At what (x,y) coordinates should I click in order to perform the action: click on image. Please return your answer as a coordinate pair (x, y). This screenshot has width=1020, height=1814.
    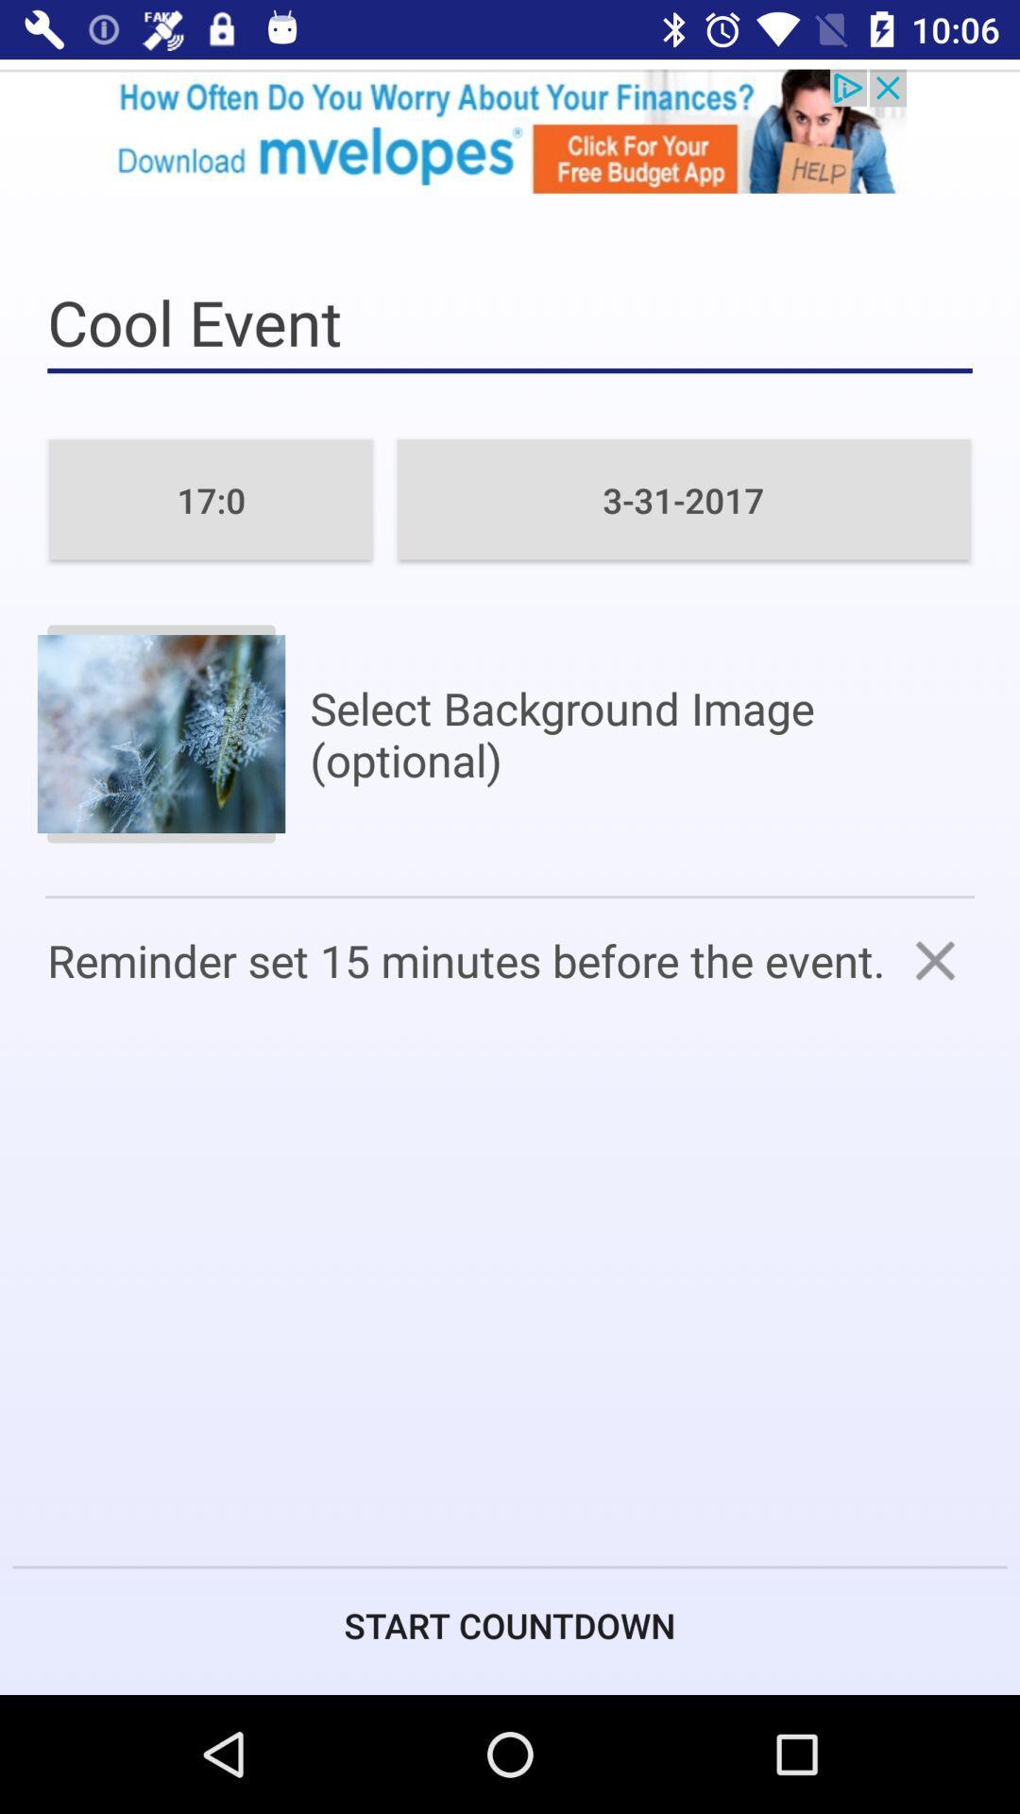
    Looking at the image, I should click on (160, 733).